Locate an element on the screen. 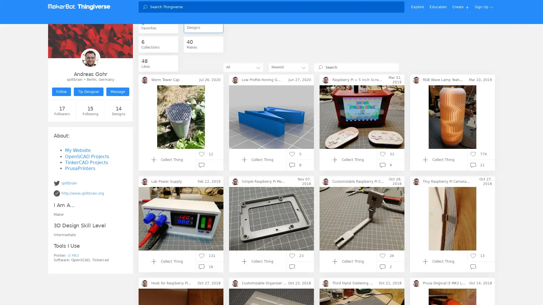 The image size is (543, 305). Sign Up is located at coordinates (484, 7).